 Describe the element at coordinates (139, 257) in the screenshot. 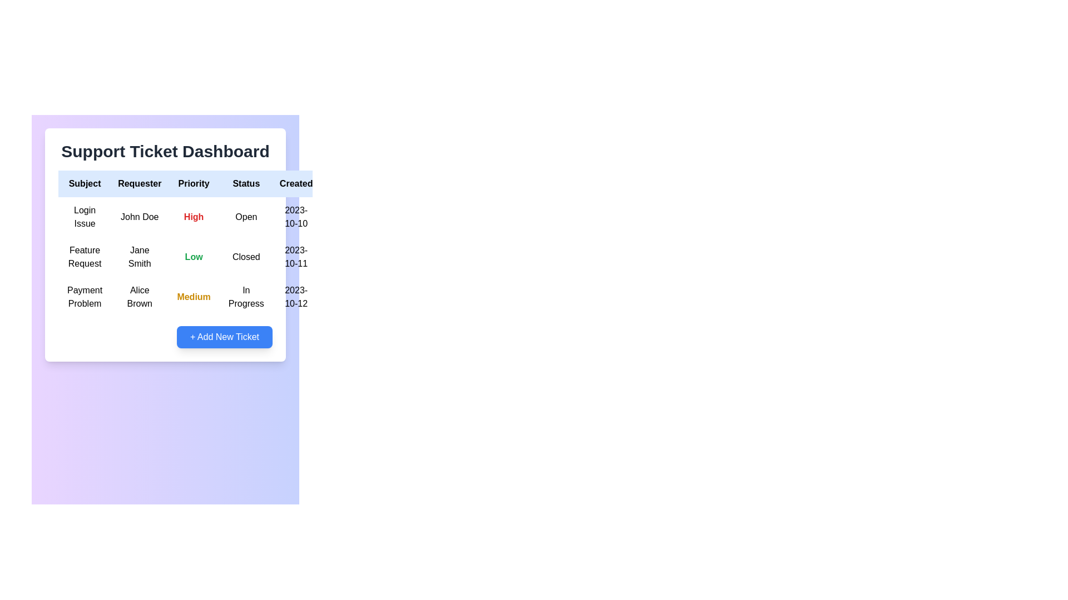

I see `the text label displaying the requester name associated with the 'Feature Request' task in the support ticket dashboard, located in the 'Requester' column of the 'Feature Request' row` at that location.